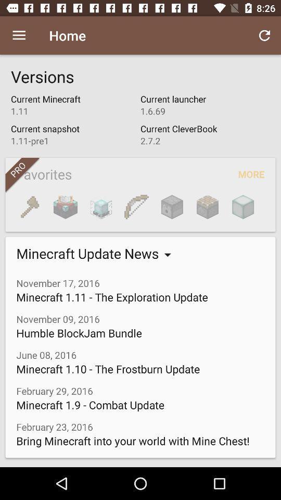  Describe the element at coordinates (101, 206) in the screenshot. I see `item` at that location.